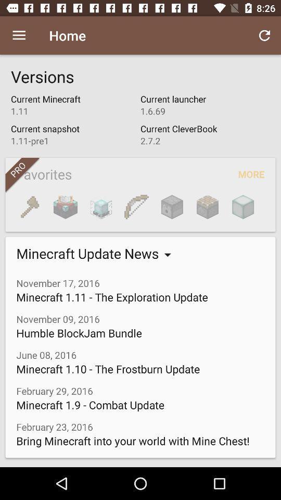  Describe the element at coordinates (101, 206) in the screenshot. I see `item` at that location.